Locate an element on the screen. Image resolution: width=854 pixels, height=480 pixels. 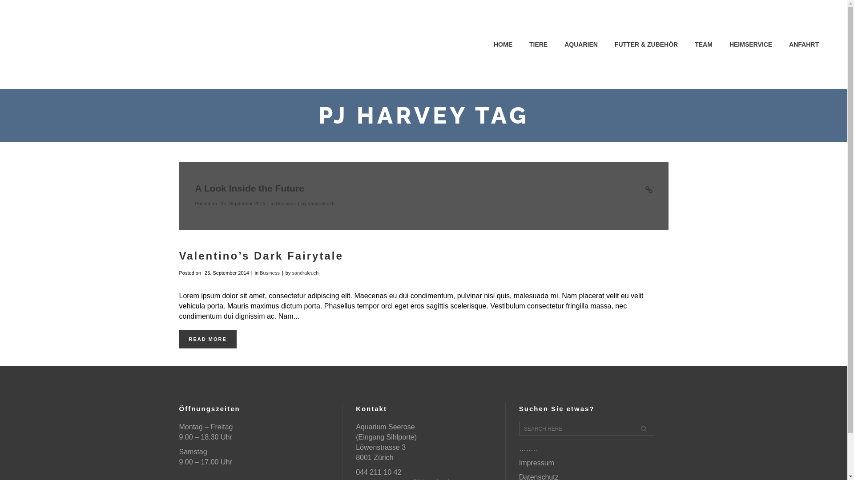
'AQUARIEN' is located at coordinates (581, 44).